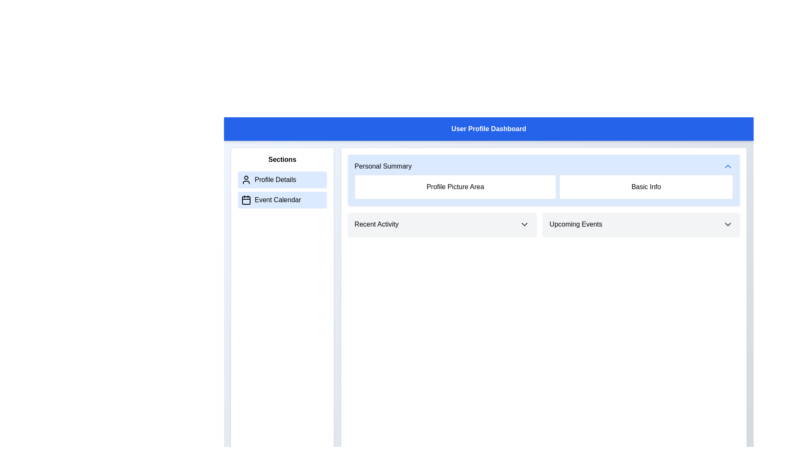 Image resolution: width=807 pixels, height=454 pixels. I want to click on the calendar icon located to the left of the 'Event Calendar' label in the left-side navigation panel, which is styled with a clean, outlined appearance, so click(245, 200).